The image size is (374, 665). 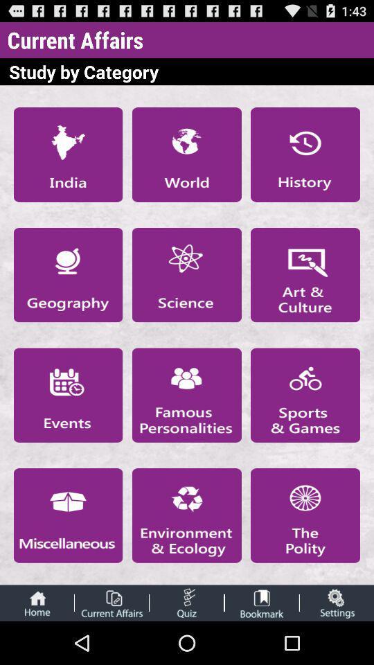 I want to click on study sports and games category, so click(x=305, y=395).